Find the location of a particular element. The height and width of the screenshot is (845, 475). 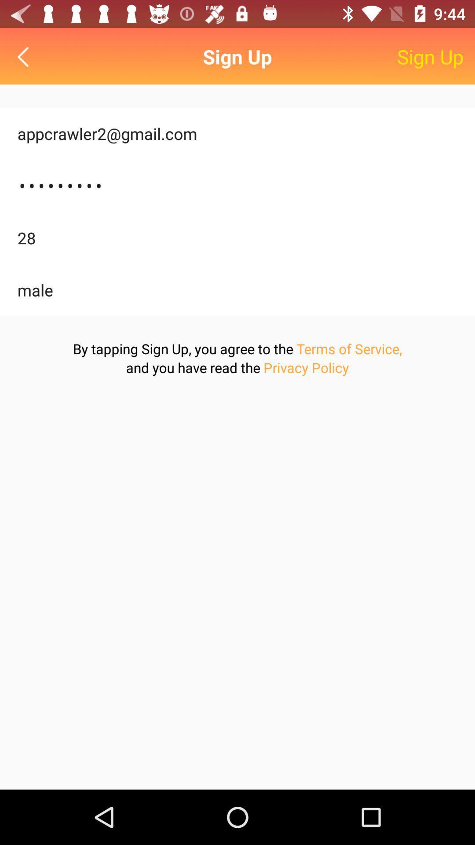

back button is located at coordinates (25, 56).